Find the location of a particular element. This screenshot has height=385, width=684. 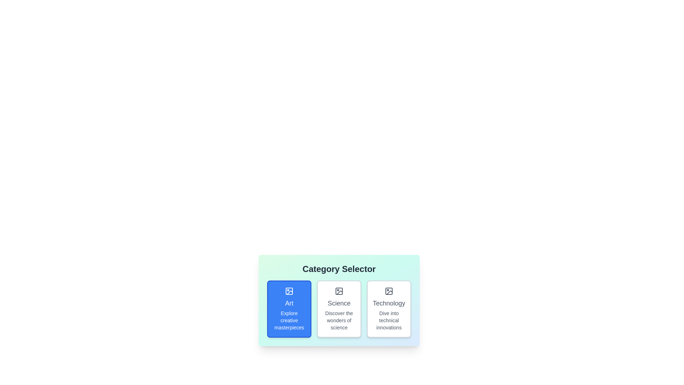

the category chip labeled Art is located at coordinates (289, 309).